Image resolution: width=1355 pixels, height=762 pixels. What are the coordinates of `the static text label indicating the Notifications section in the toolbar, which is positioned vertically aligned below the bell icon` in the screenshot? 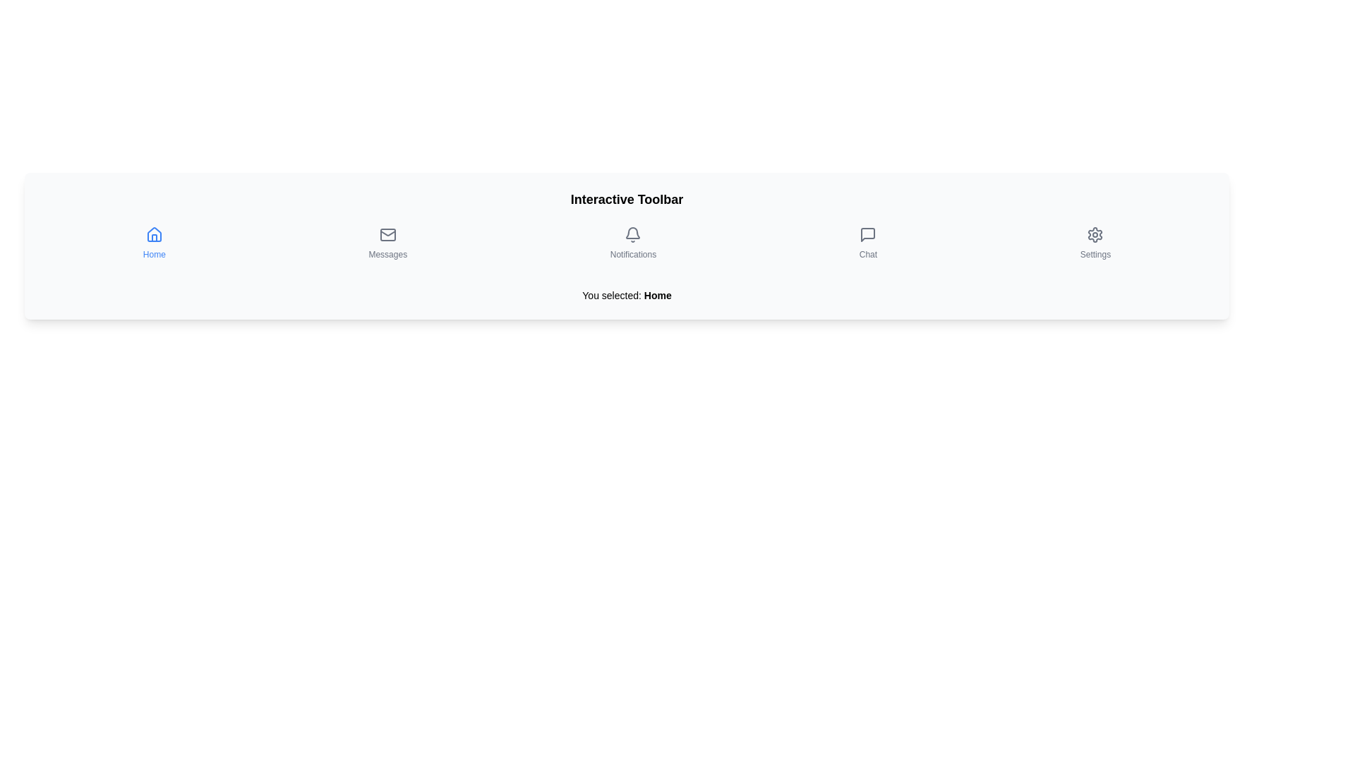 It's located at (632, 255).